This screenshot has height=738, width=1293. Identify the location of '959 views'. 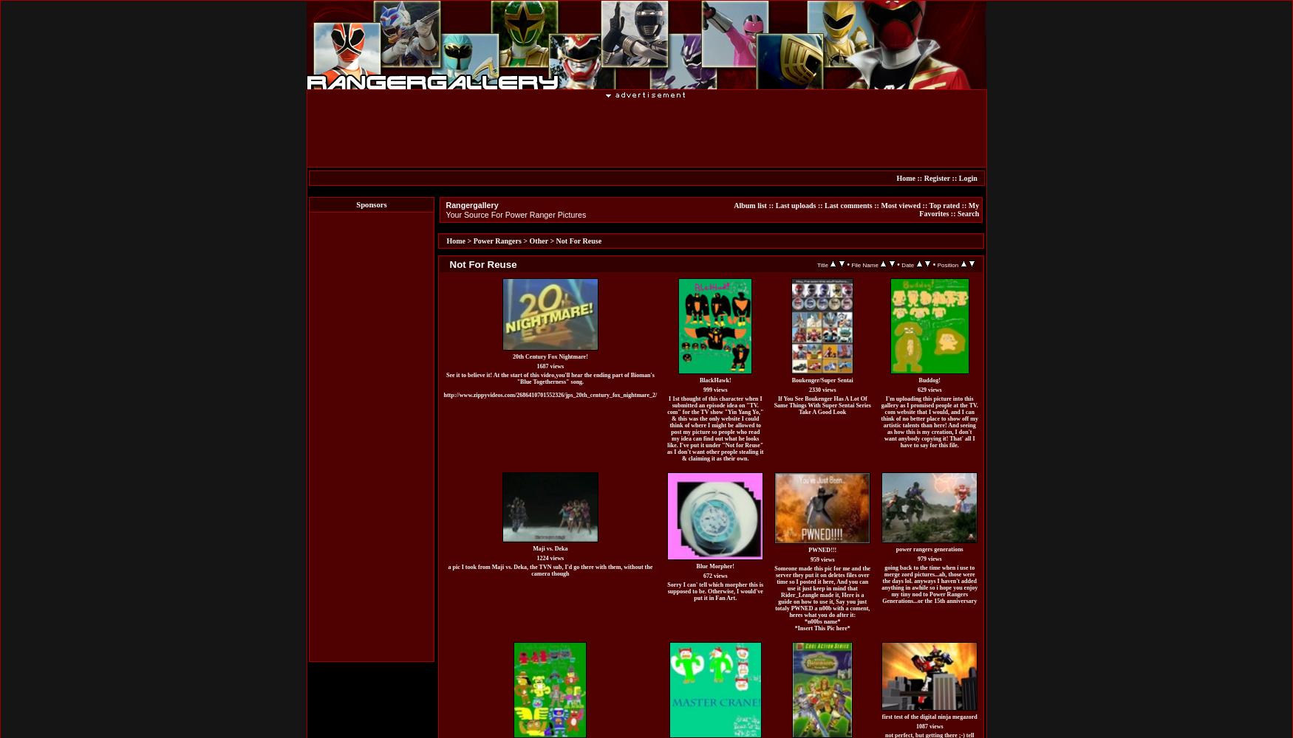
(822, 559).